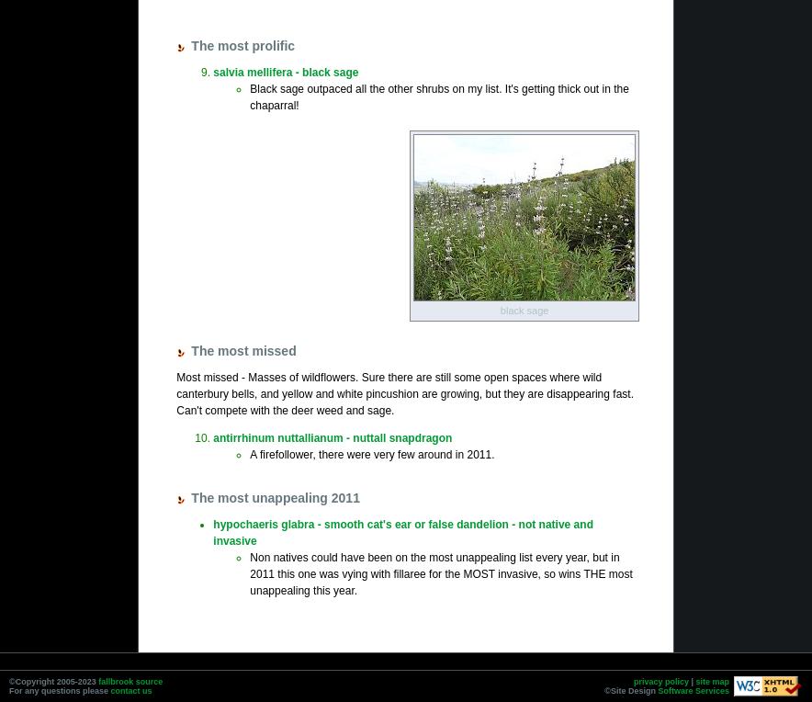  I want to click on 'antirrhinum nuttallianum - nuttall snapdragon', so click(331, 436).